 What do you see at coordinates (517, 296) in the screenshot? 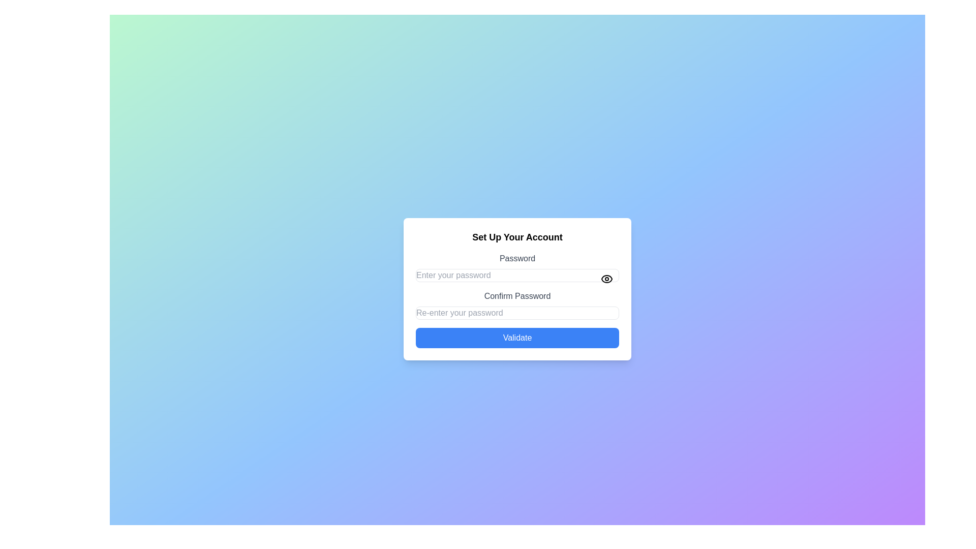
I see `text from the label indicating the purpose of the input field for confirming passwords, which is located above the input field labeled 'Confirm Password'` at bounding box center [517, 296].